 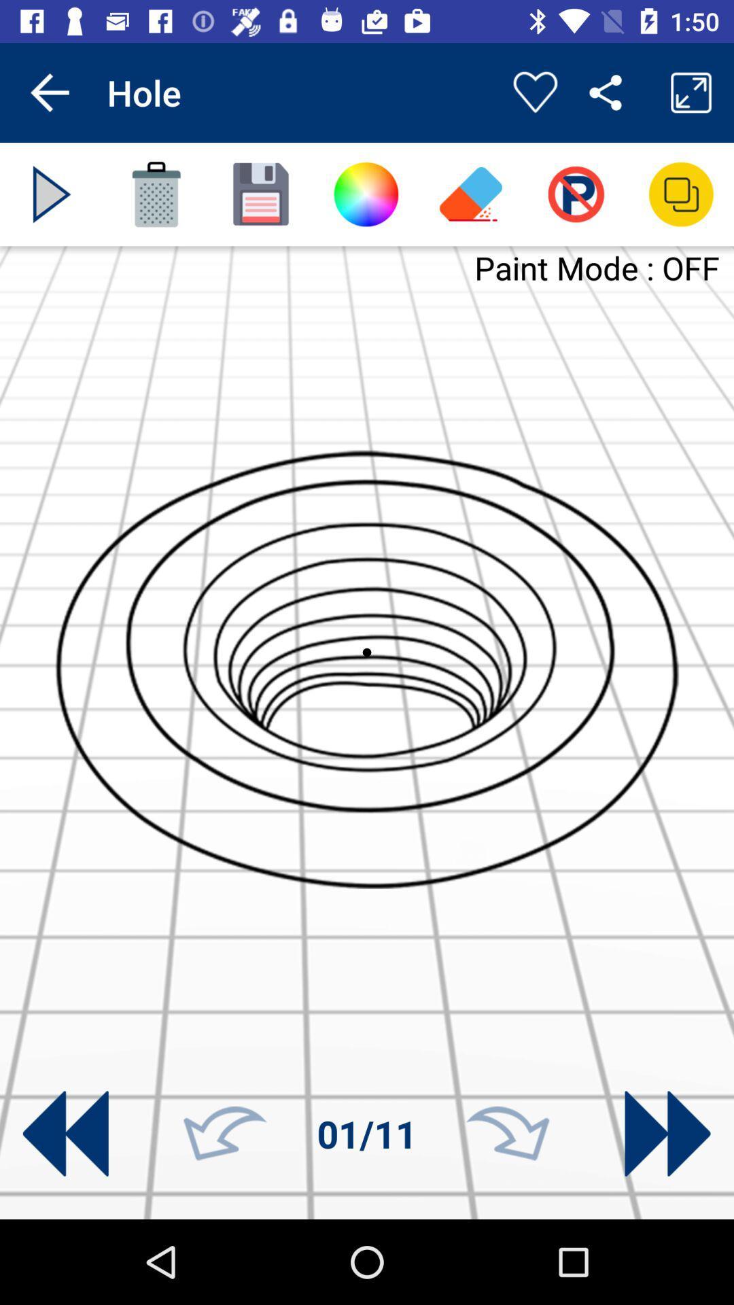 What do you see at coordinates (508, 1134) in the screenshot?
I see `rotate right` at bounding box center [508, 1134].